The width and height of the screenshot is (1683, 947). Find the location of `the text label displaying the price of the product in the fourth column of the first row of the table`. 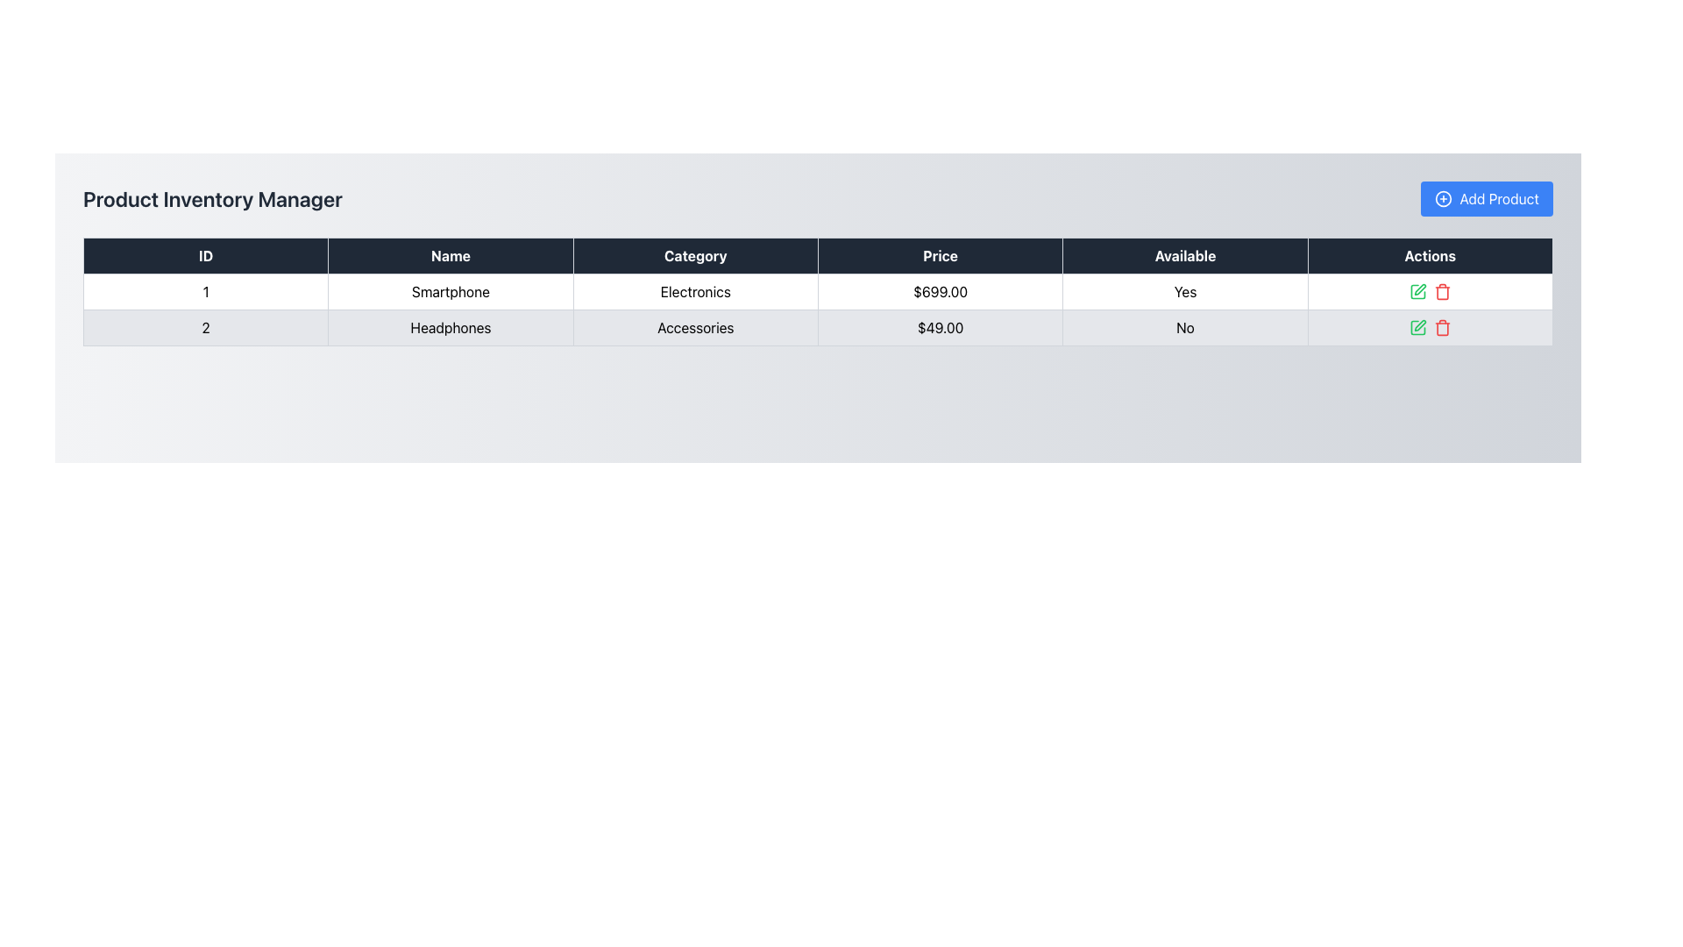

the text label displaying the price of the product in the fourth column of the first row of the table is located at coordinates (940, 290).